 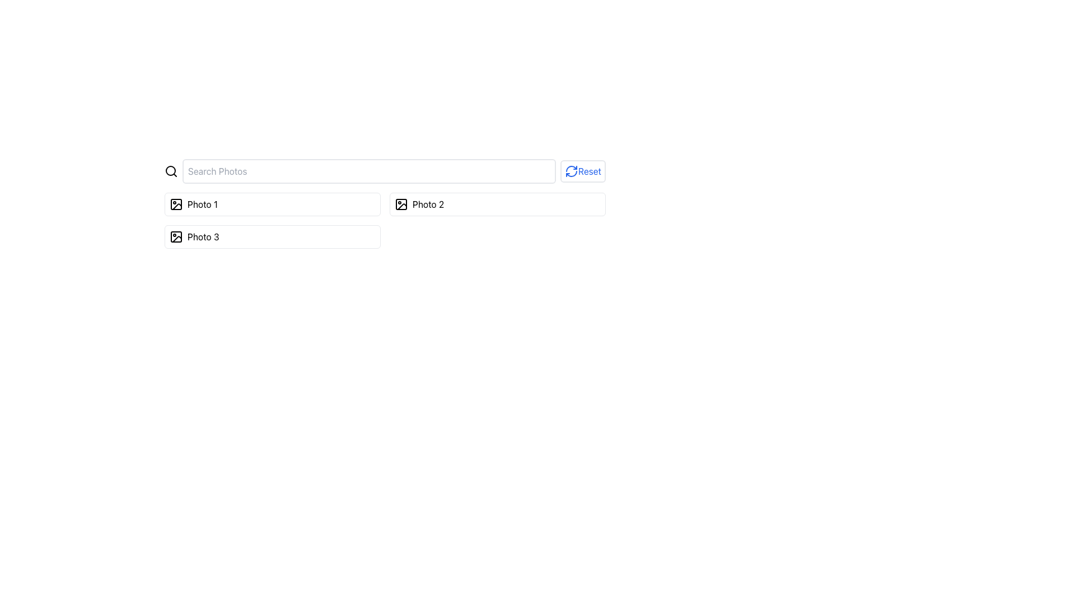 I want to click on the magnifying glass icon to initiate a search query, so click(x=171, y=171).